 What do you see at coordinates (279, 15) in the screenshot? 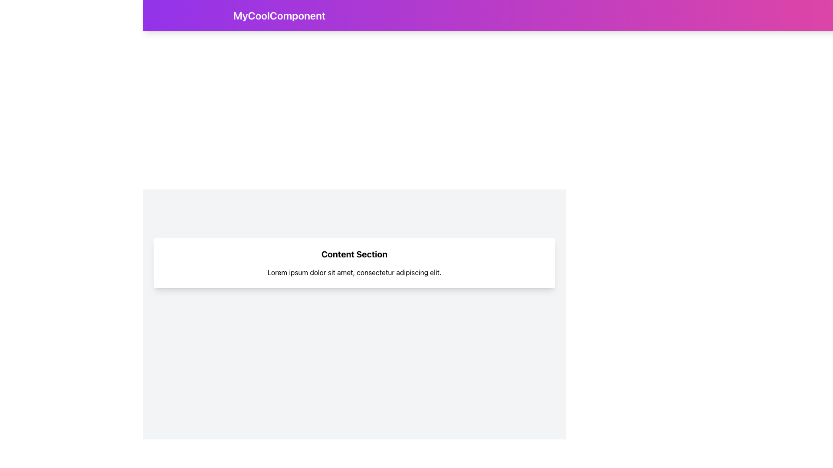
I see `the text element 'MyCoolComponent' displayed in bold, large white font at the center of the purple header` at bounding box center [279, 15].